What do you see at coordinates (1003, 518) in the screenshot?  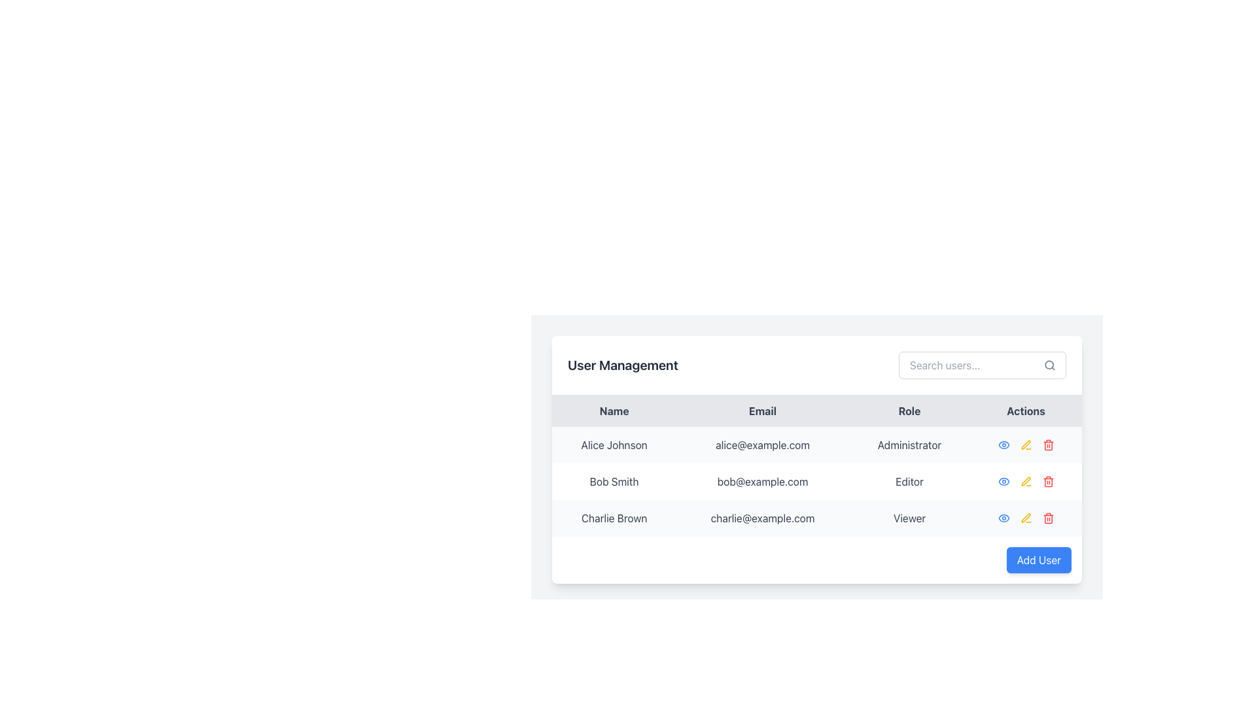 I see `the view action icon button located in the 'Actions' column of the first user row in the table to potentially display a tooltip` at bounding box center [1003, 518].